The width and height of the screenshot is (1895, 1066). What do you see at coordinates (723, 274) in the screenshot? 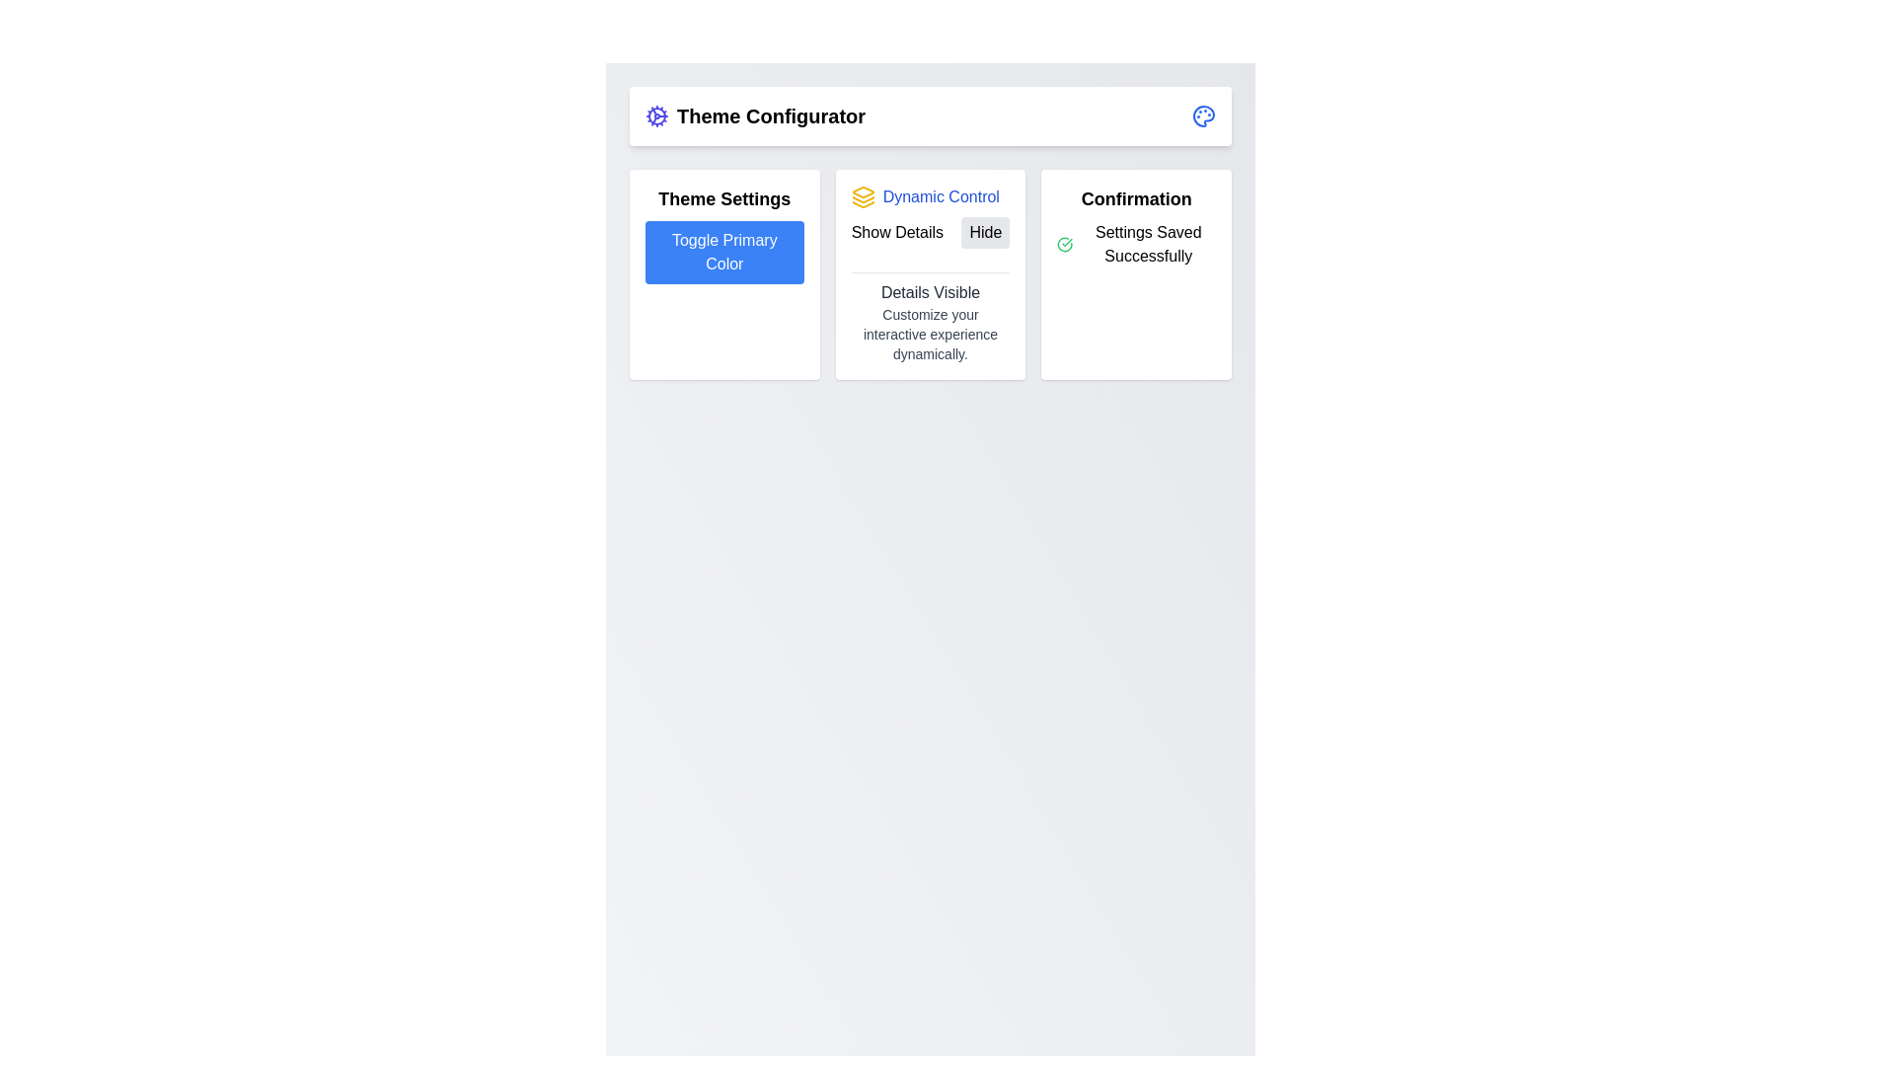
I see `the interactable button located in the top-left corner of the card layout` at bounding box center [723, 274].